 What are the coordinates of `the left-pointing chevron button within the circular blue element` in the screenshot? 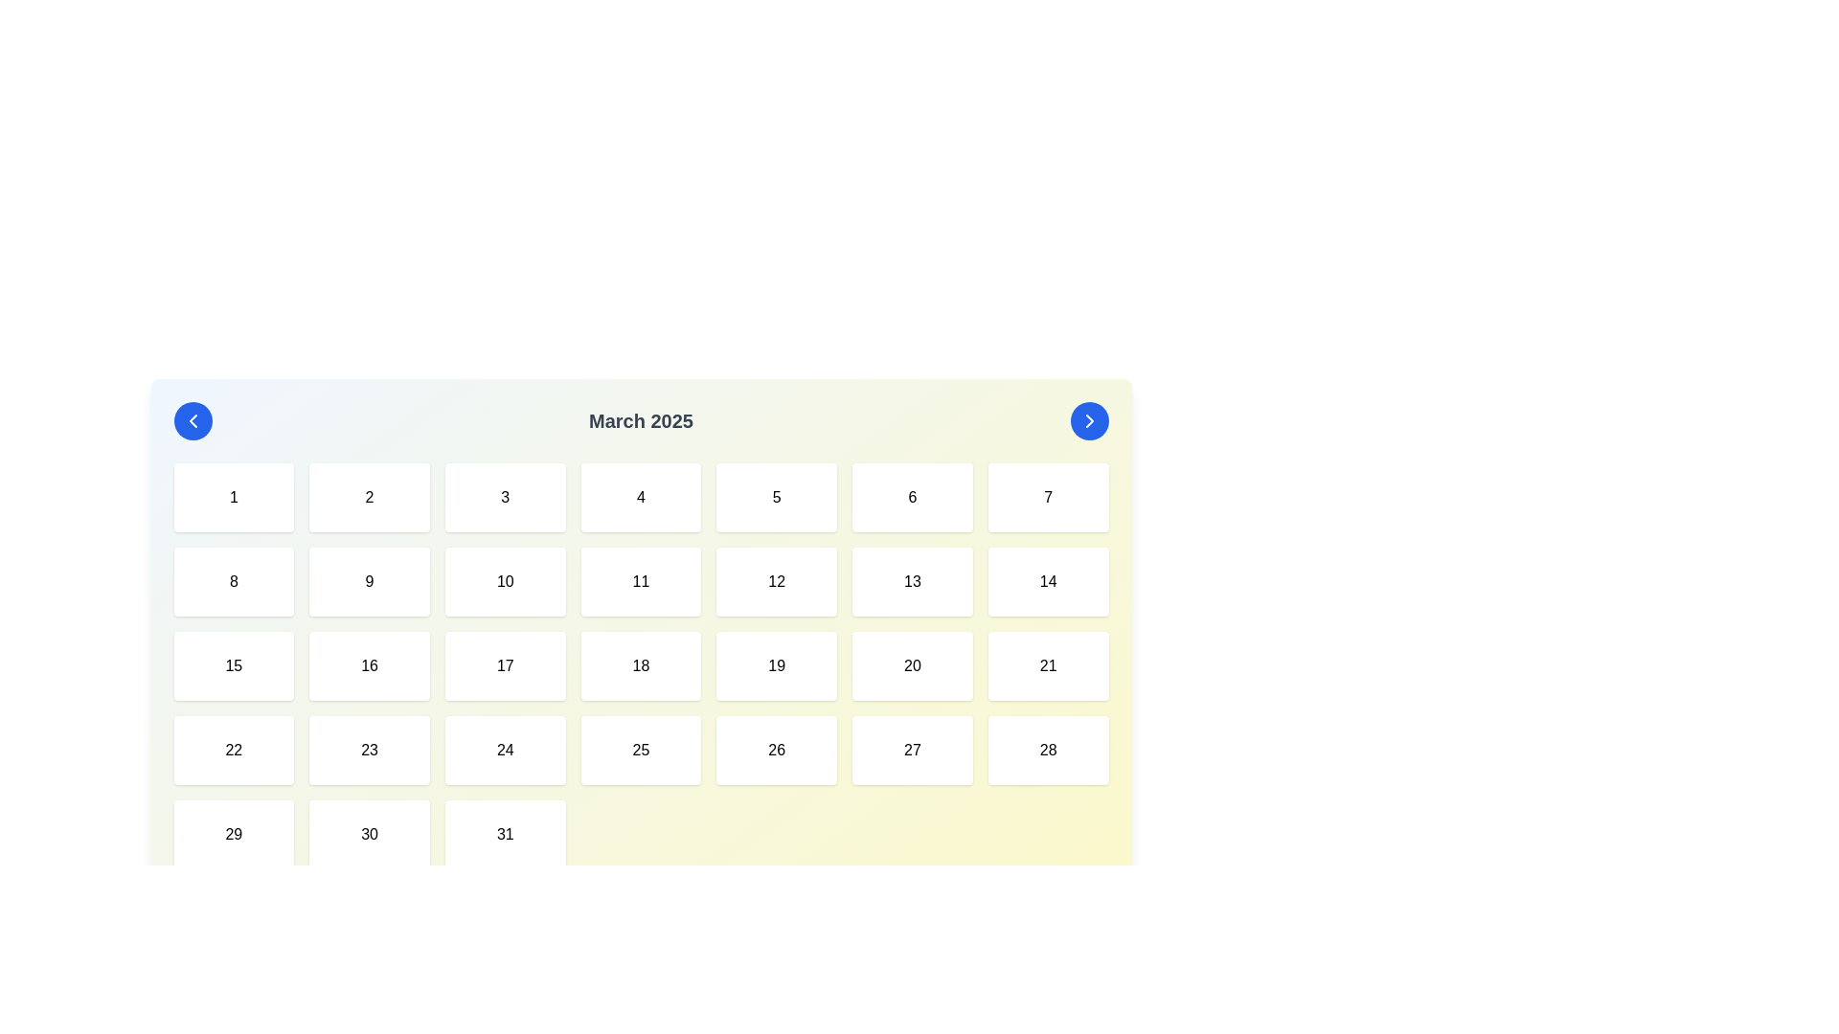 It's located at (193, 419).